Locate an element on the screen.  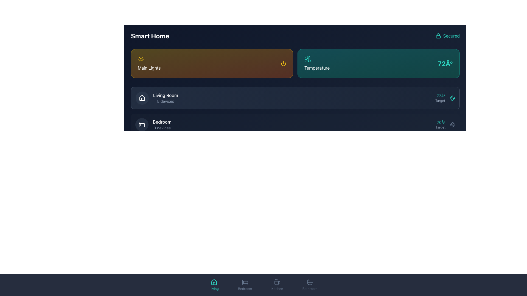
text label 'Bathroom' located in the bottom navigation bar, styled in a small font size and muted slate-gray color is located at coordinates (310, 288).